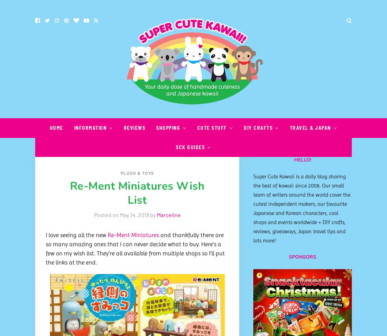 Image resolution: width=387 pixels, height=336 pixels. Describe the element at coordinates (190, 147) in the screenshot. I see `'SCK Guides'` at that location.